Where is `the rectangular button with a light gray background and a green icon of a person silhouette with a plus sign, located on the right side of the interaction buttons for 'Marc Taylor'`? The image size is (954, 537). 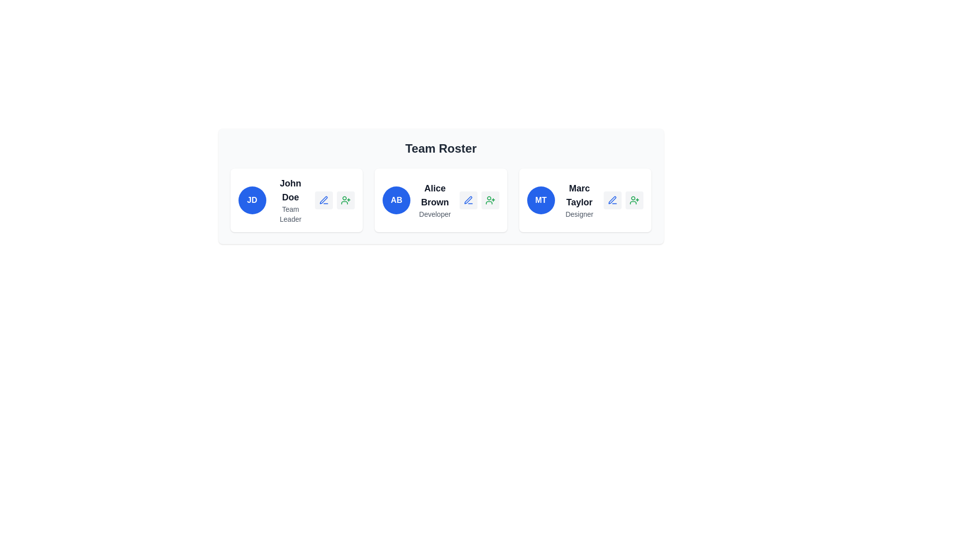 the rectangular button with a light gray background and a green icon of a person silhouette with a plus sign, located on the right side of the interaction buttons for 'Marc Taylor' is located at coordinates (634, 200).